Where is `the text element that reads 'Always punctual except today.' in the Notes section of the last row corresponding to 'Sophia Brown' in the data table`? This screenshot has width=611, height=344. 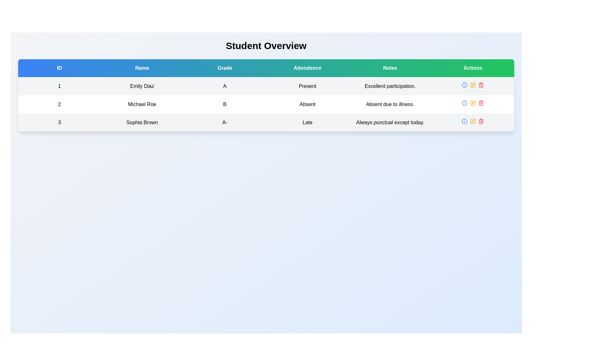 the text element that reads 'Always punctual except today.' in the Notes section of the last row corresponding to 'Sophia Brown' in the data table is located at coordinates (390, 122).